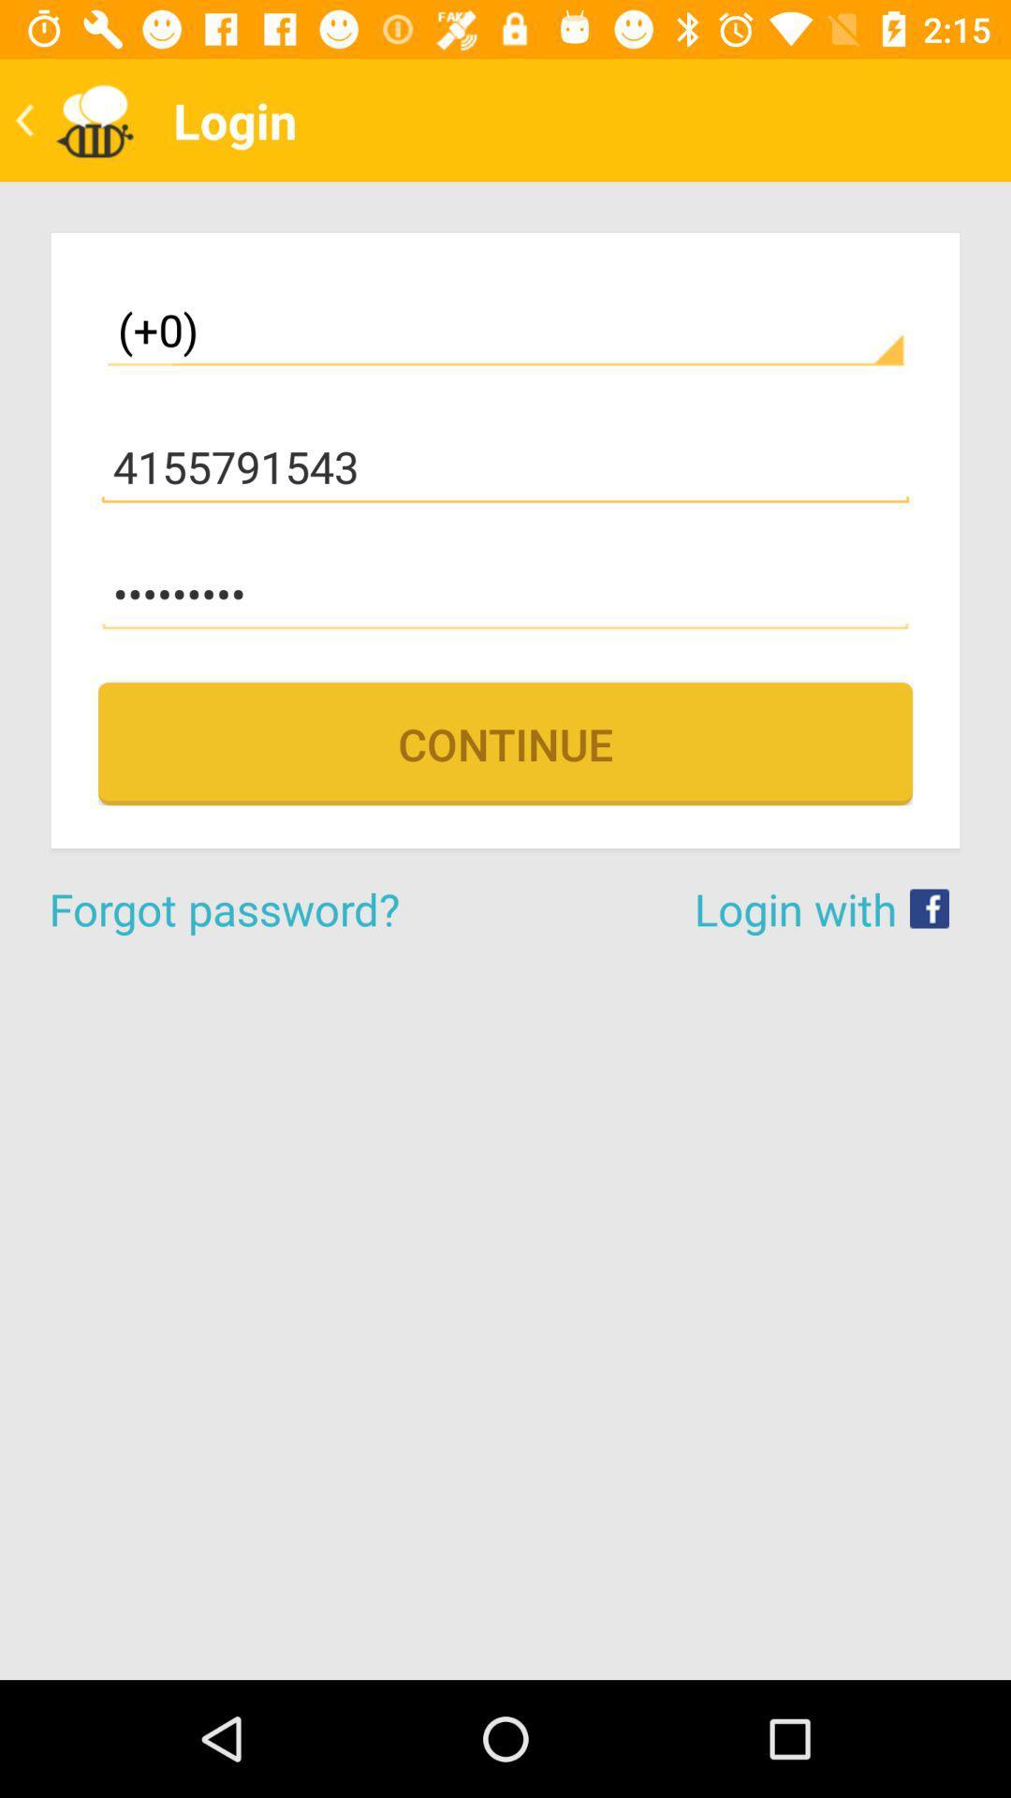 This screenshot has width=1011, height=1798. Describe the element at coordinates (505, 467) in the screenshot. I see `the 4155791543 icon` at that location.